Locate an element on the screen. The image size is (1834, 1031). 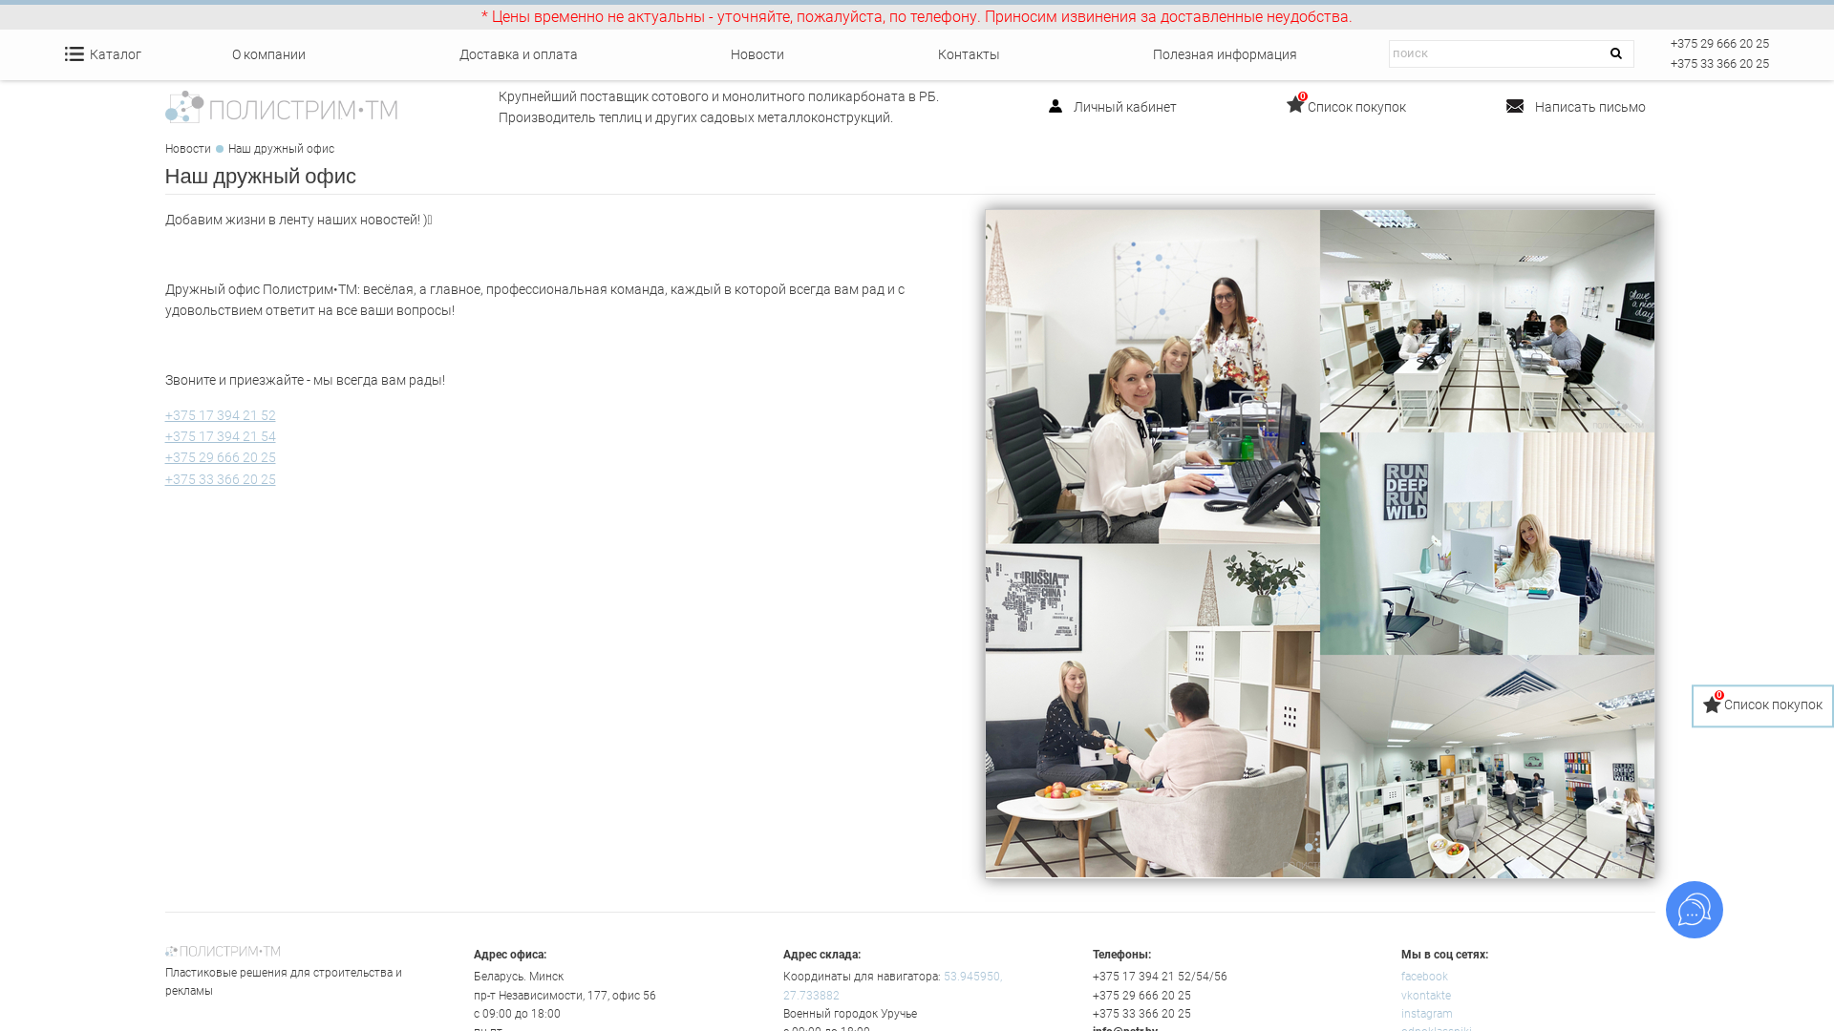
'+375 29 666 20 25' is located at coordinates (1141, 994).